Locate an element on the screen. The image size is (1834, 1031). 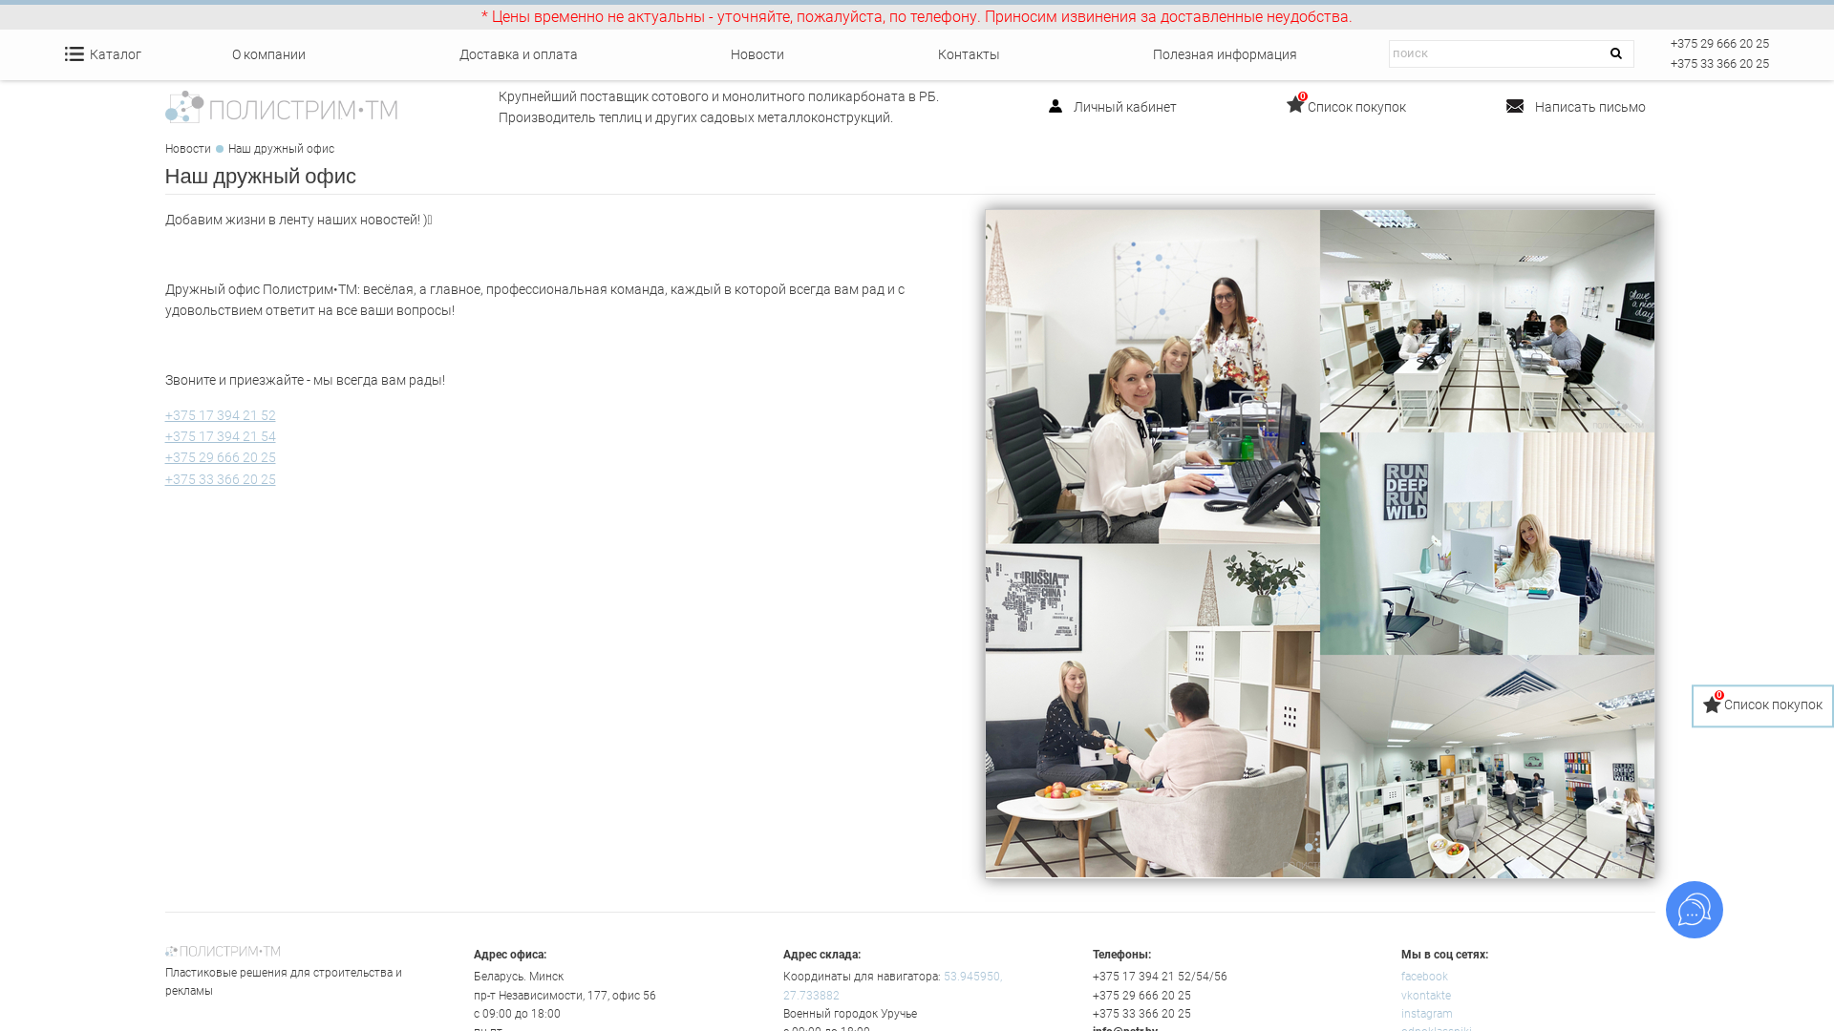
'+375 29 666 20 25' is located at coordinates (1141, 994).